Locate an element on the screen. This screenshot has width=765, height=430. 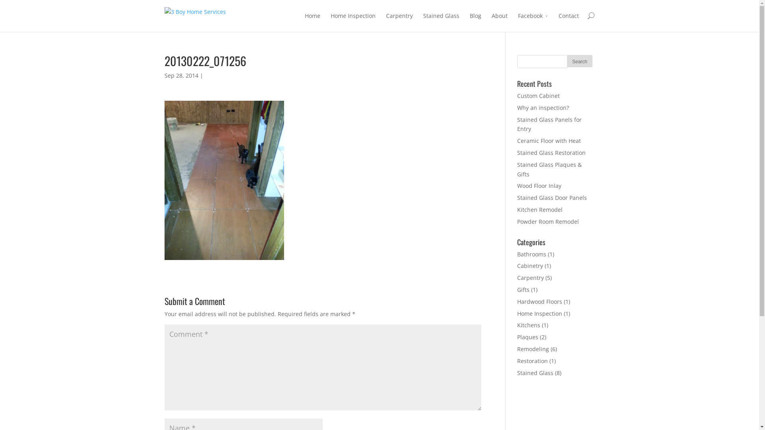
'Stained Glass' is located at coordinates (535, 373).